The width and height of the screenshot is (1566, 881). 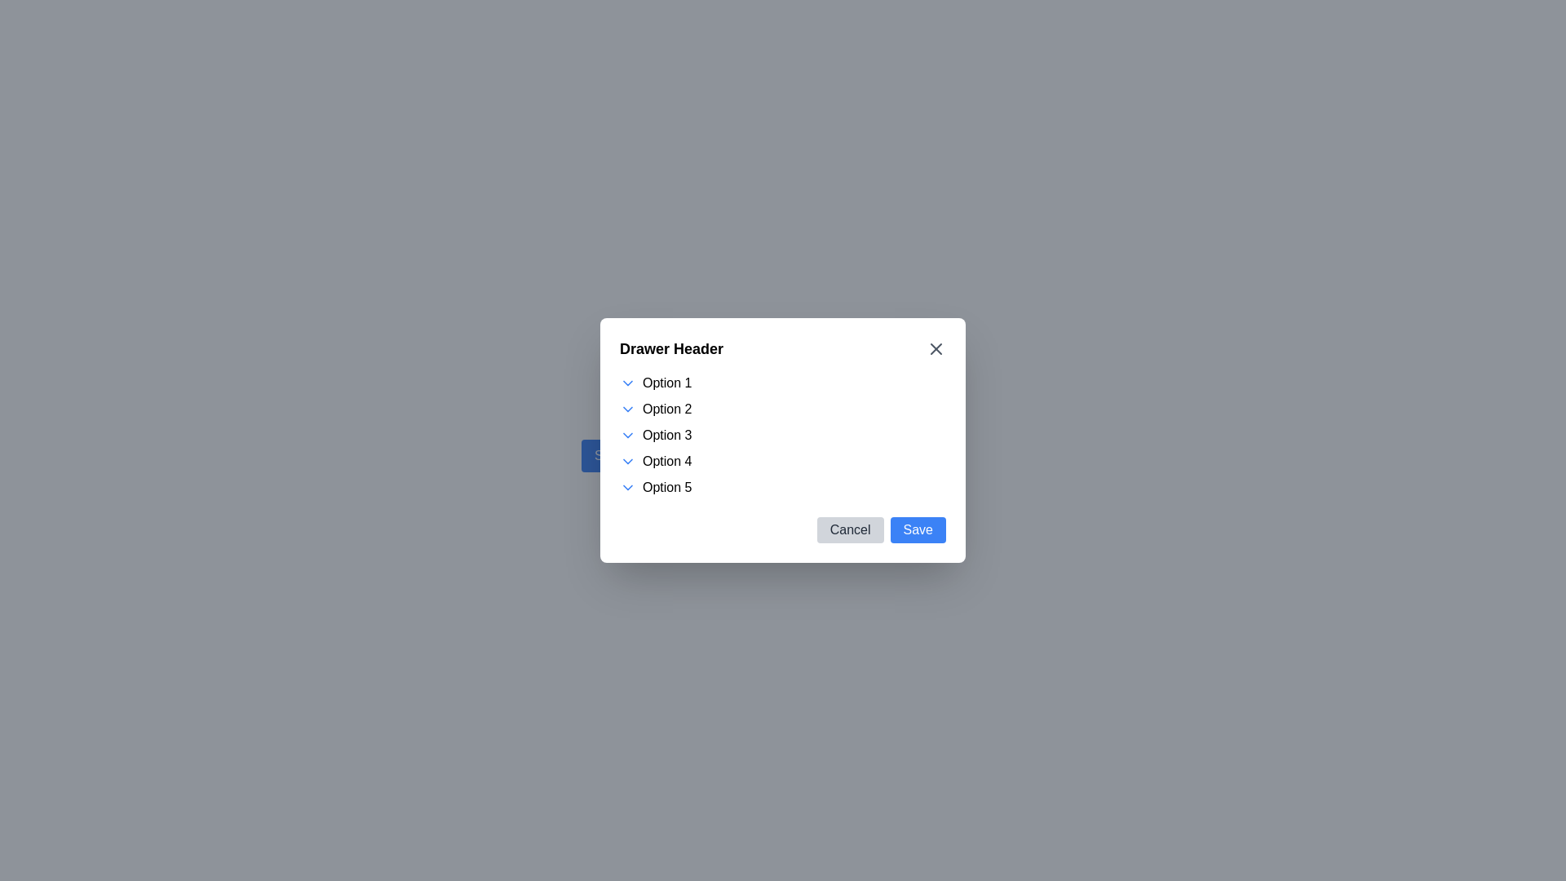 What do you see at coordinates (626, 408) in the screenshot?
I see `the Dropdown Indicator (Chevron Icon) located to the left of the 'Option 2' label` at bounding box center [626, 408].